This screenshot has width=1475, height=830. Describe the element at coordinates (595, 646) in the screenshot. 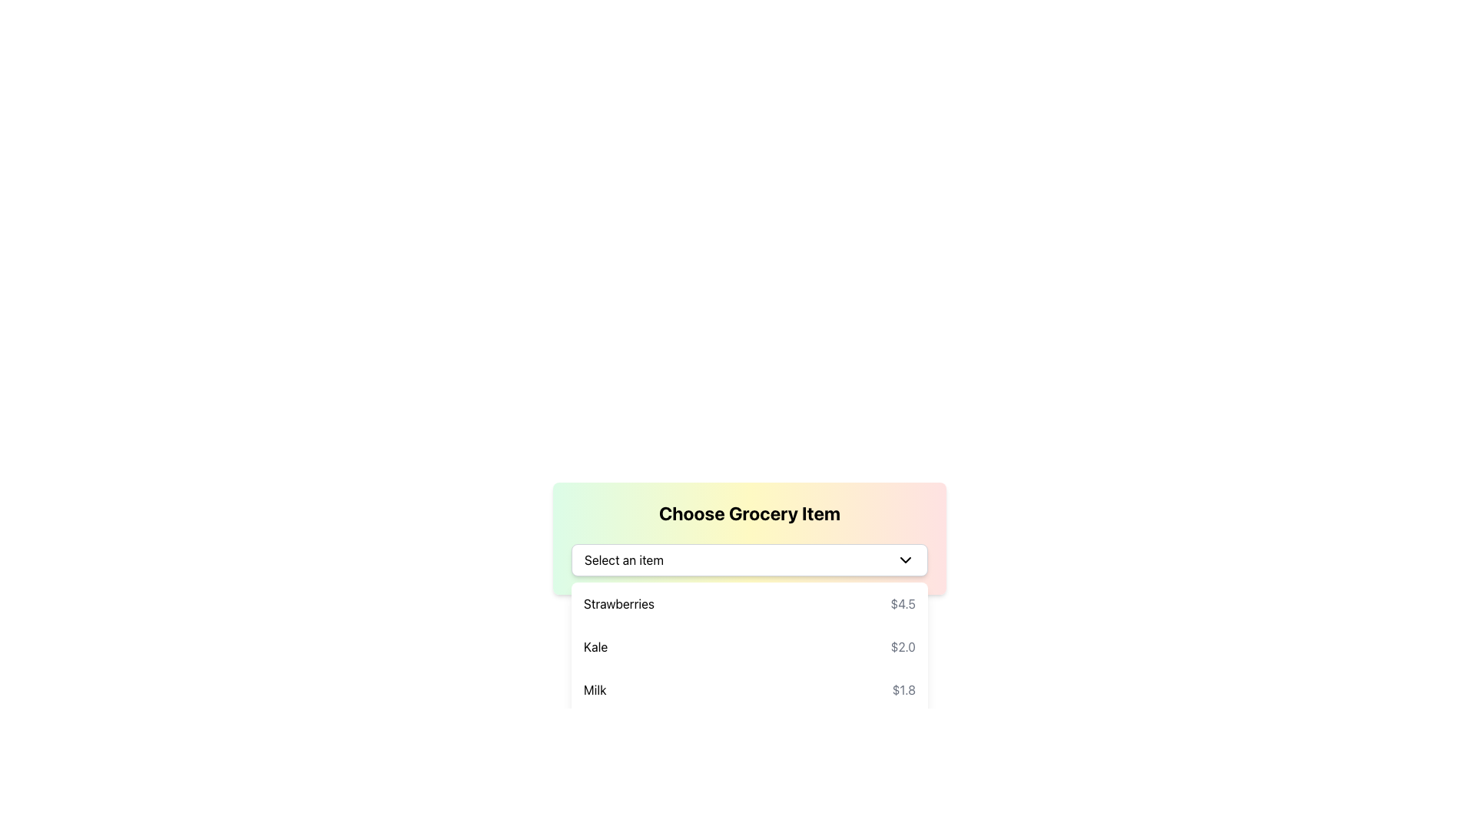

I see `the label for the grocery item 'Kale' in the dropdown list, which is positioned to the left of the price '$2.0'` at that location.